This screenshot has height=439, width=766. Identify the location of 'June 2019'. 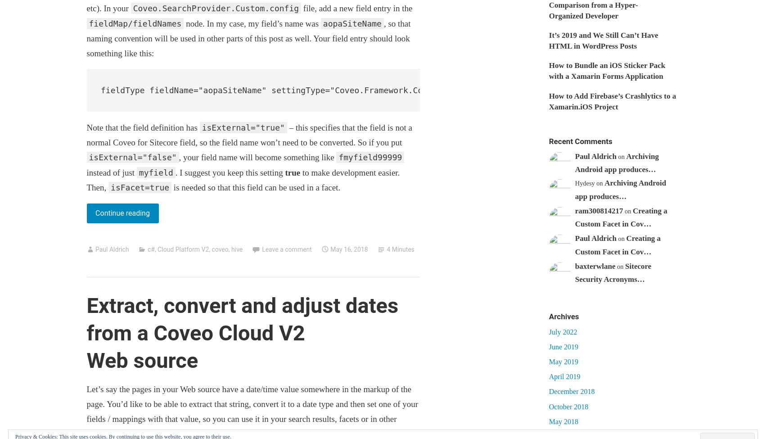
(563, 346).